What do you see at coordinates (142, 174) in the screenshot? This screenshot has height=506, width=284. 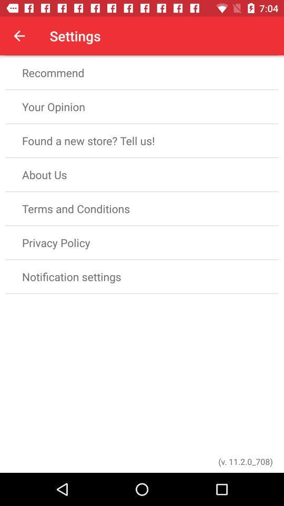 I see `item below the found a new item` at bounding box center [142, 174].